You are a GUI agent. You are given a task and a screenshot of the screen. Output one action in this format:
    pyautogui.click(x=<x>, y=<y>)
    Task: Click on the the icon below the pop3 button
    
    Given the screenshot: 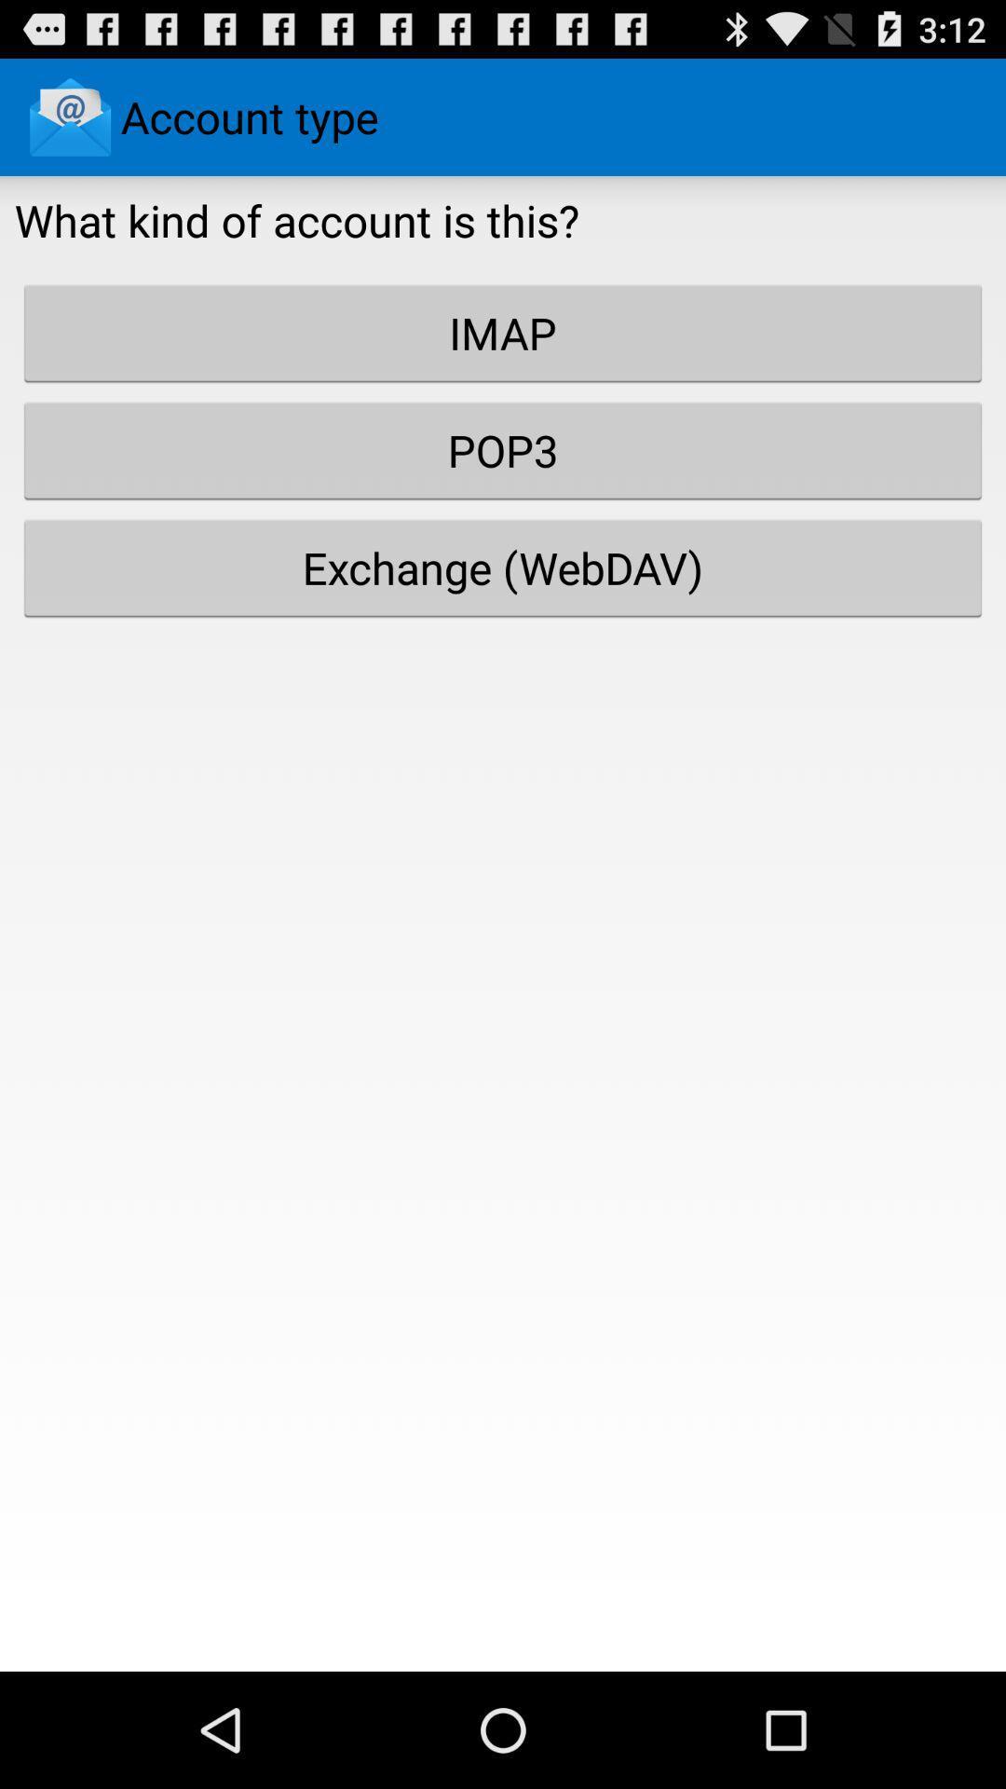 What is the action you would take?
    pyautogui.click(x=503, y=567)
    